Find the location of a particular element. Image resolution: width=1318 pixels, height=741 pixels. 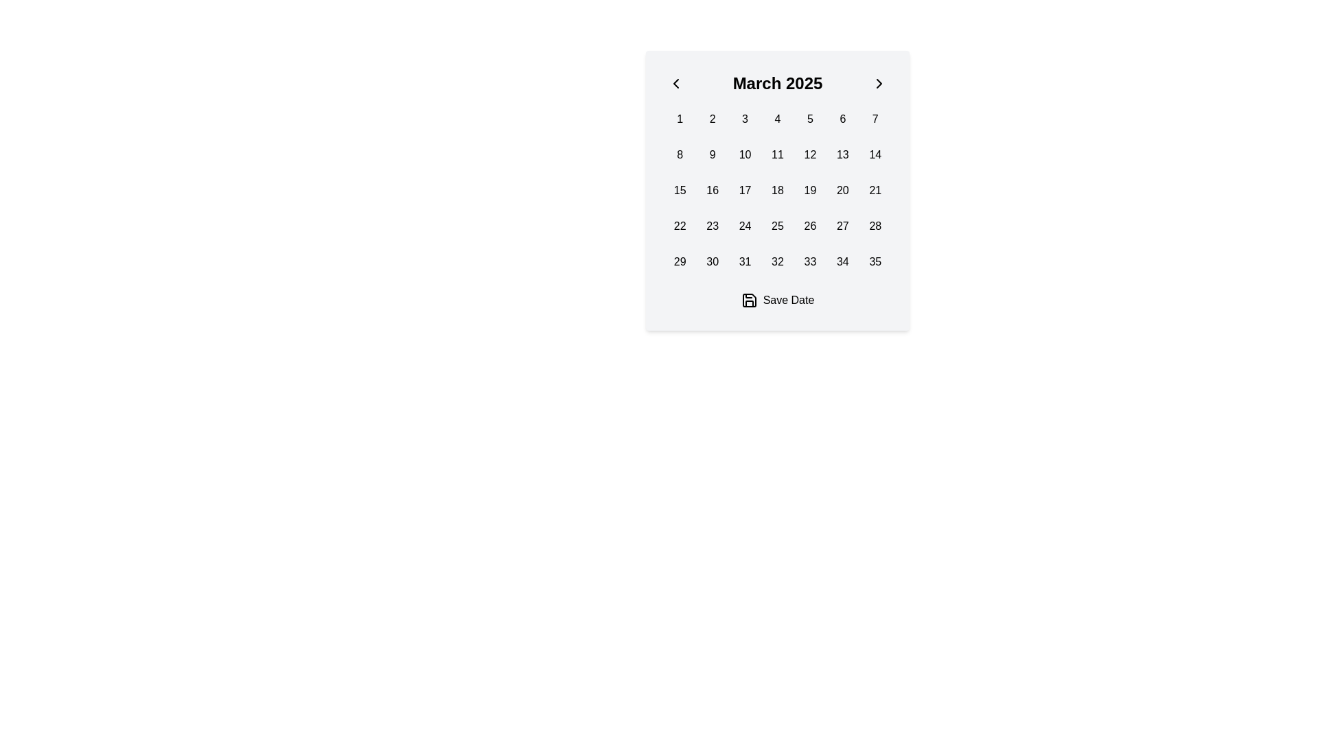

the rounded rectangular button labeled '28' is located at coordinates (875, 226).